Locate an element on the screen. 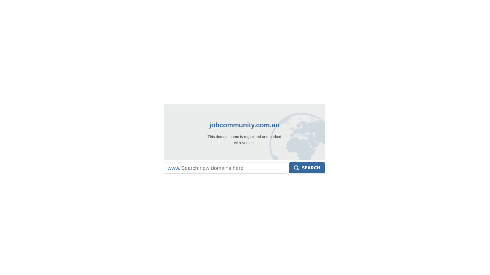 The height and width of the screenshot is (275, 490). 'Search' is located at coordinates (307, 168).